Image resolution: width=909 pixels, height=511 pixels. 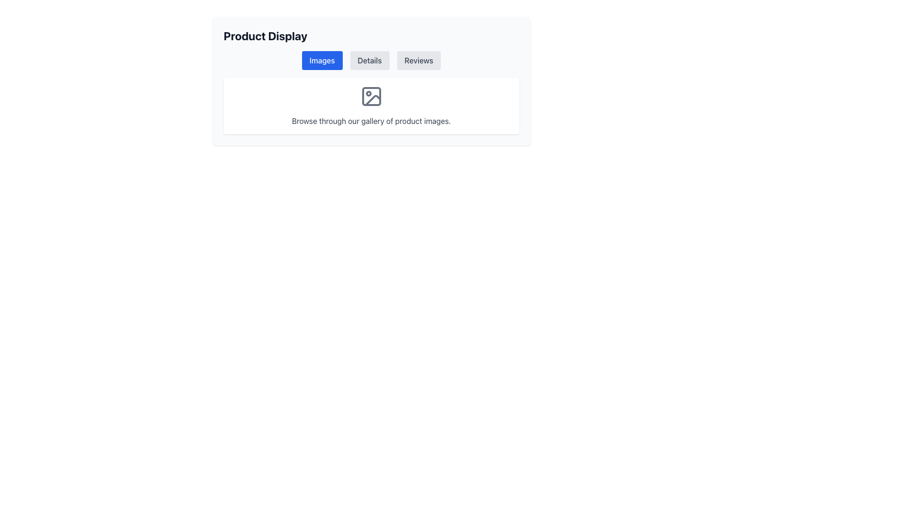 What do you see at coordinates (322, 60) in the screenshot?
I see `the first button from the left in the navigation section` at bounding box center [322, 60].